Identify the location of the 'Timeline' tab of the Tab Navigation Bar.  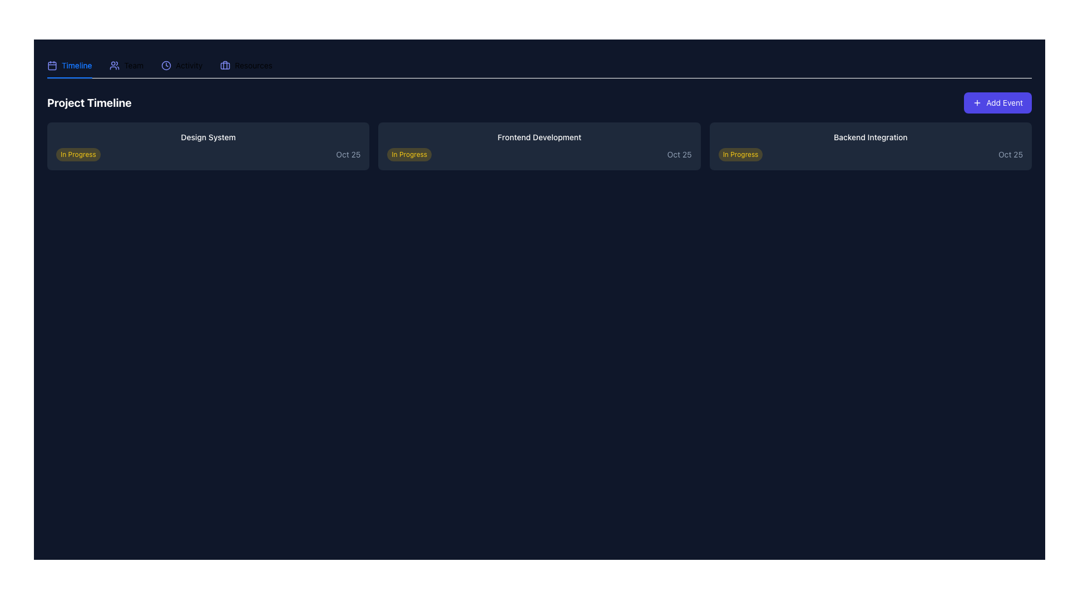
(539, 66).